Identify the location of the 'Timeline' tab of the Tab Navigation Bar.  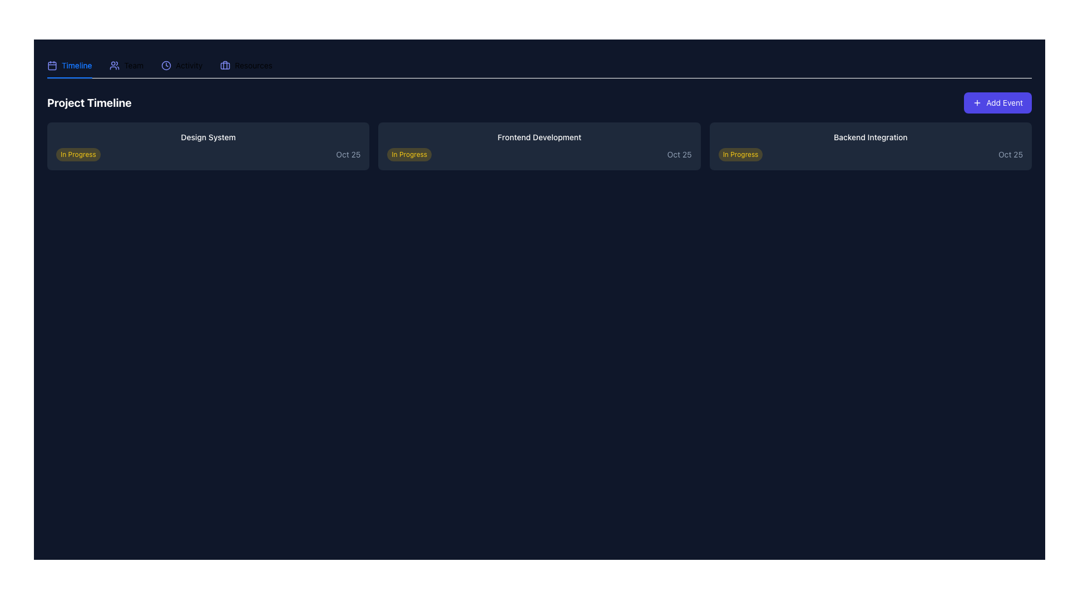
(539, 66).